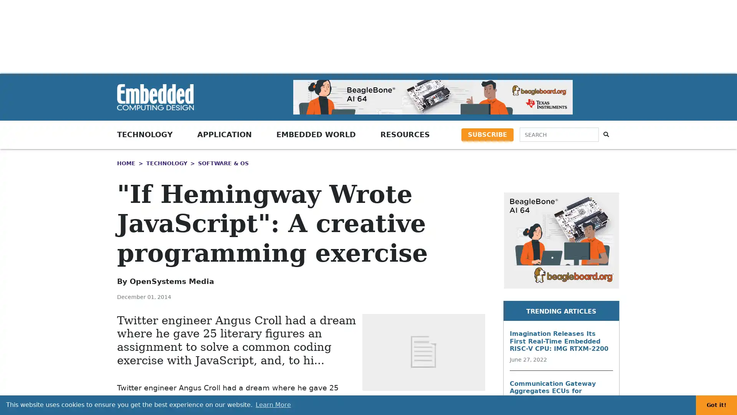 Image resolution: width=737 pixels, height=415 pixels. Describe the element at coordinates (273, 404) in the screenshot. I see `learn more about cookies` at that location.